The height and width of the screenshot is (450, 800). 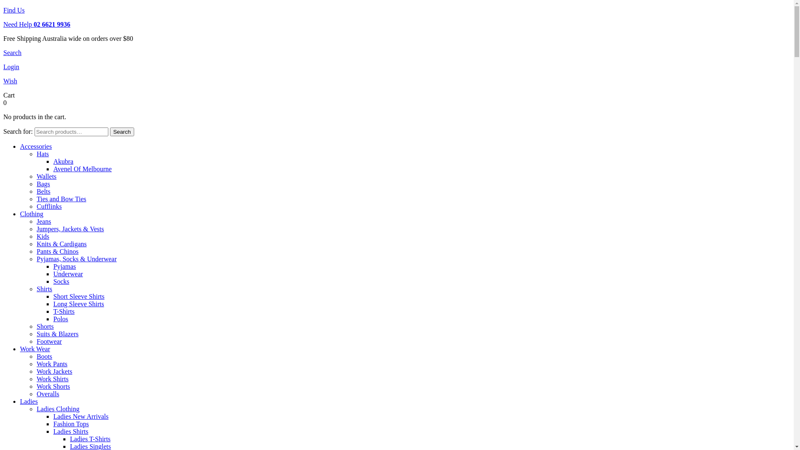 What do you see at coordinates (10, 81) in the screenshot?
I see `'Wish'` at bounding box center [10, 81].